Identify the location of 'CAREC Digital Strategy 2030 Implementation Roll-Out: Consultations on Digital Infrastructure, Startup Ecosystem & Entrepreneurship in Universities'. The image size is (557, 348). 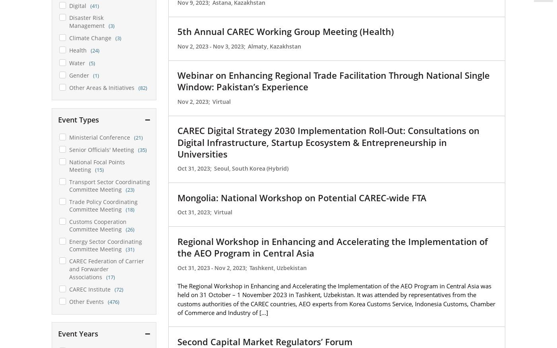
(328, 142).